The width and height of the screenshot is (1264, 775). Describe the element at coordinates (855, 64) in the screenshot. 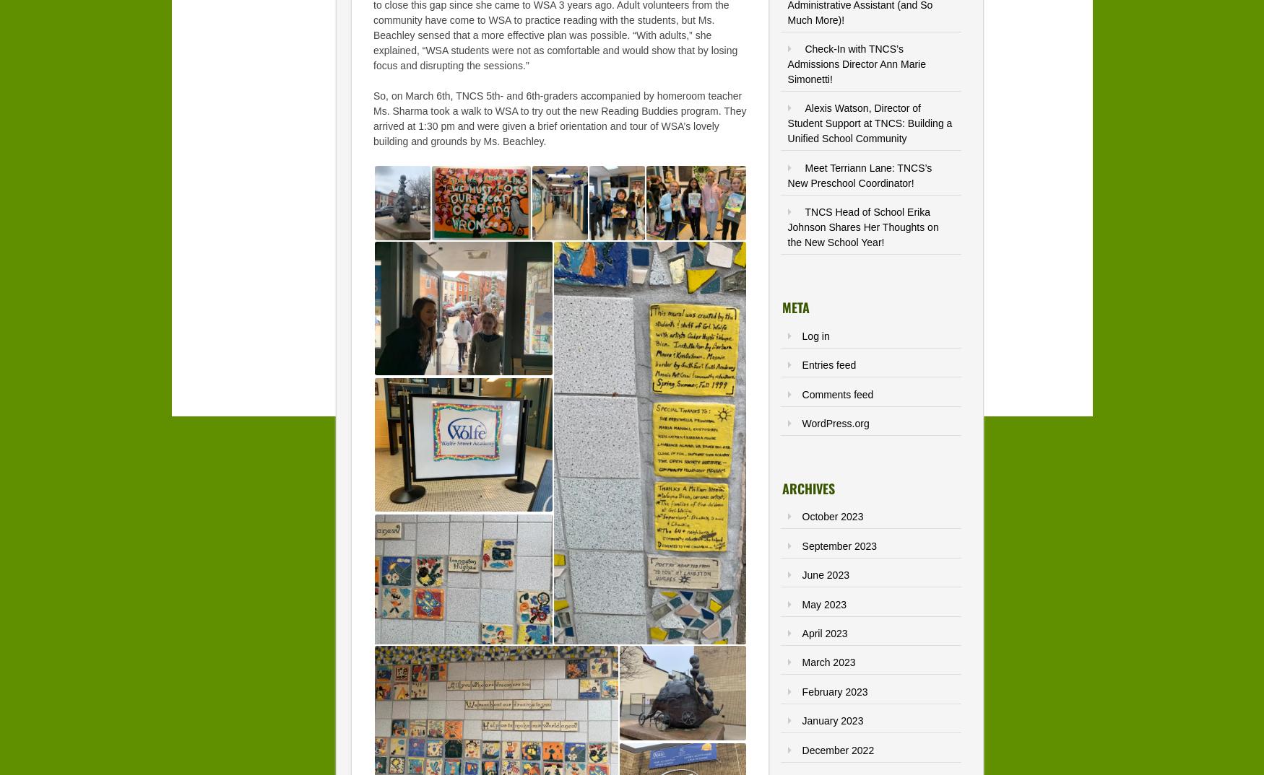

I see `'Check-In with TNCS’s Admissions Director Ann Marie Simonetti!'` at that location.